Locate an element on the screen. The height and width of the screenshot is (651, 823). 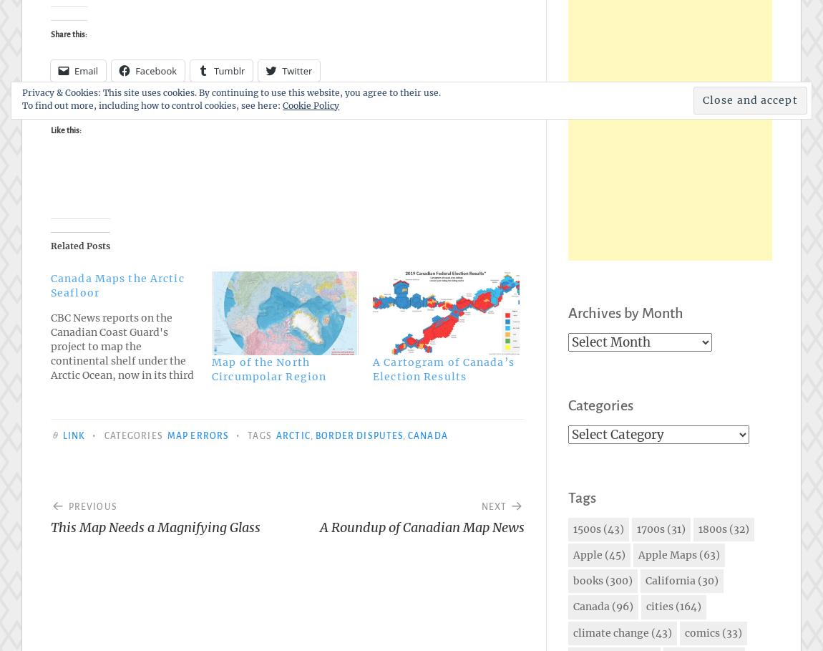
'Apple' is located at coordinates (587, 554).